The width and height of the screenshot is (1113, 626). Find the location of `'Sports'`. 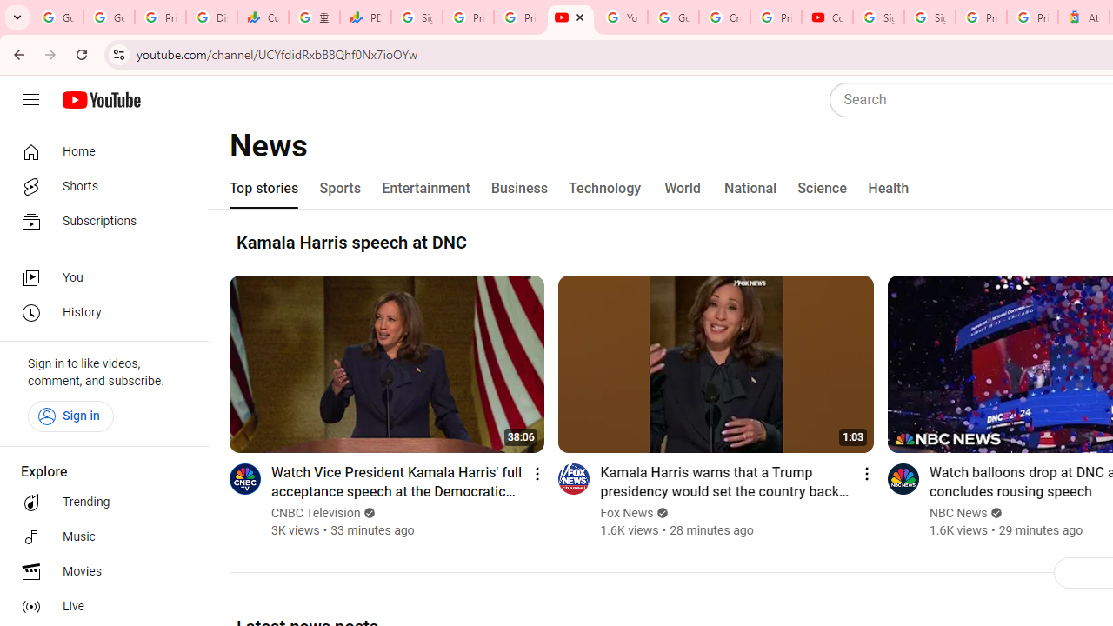

'Sports' is located at coordinates (340, 189).